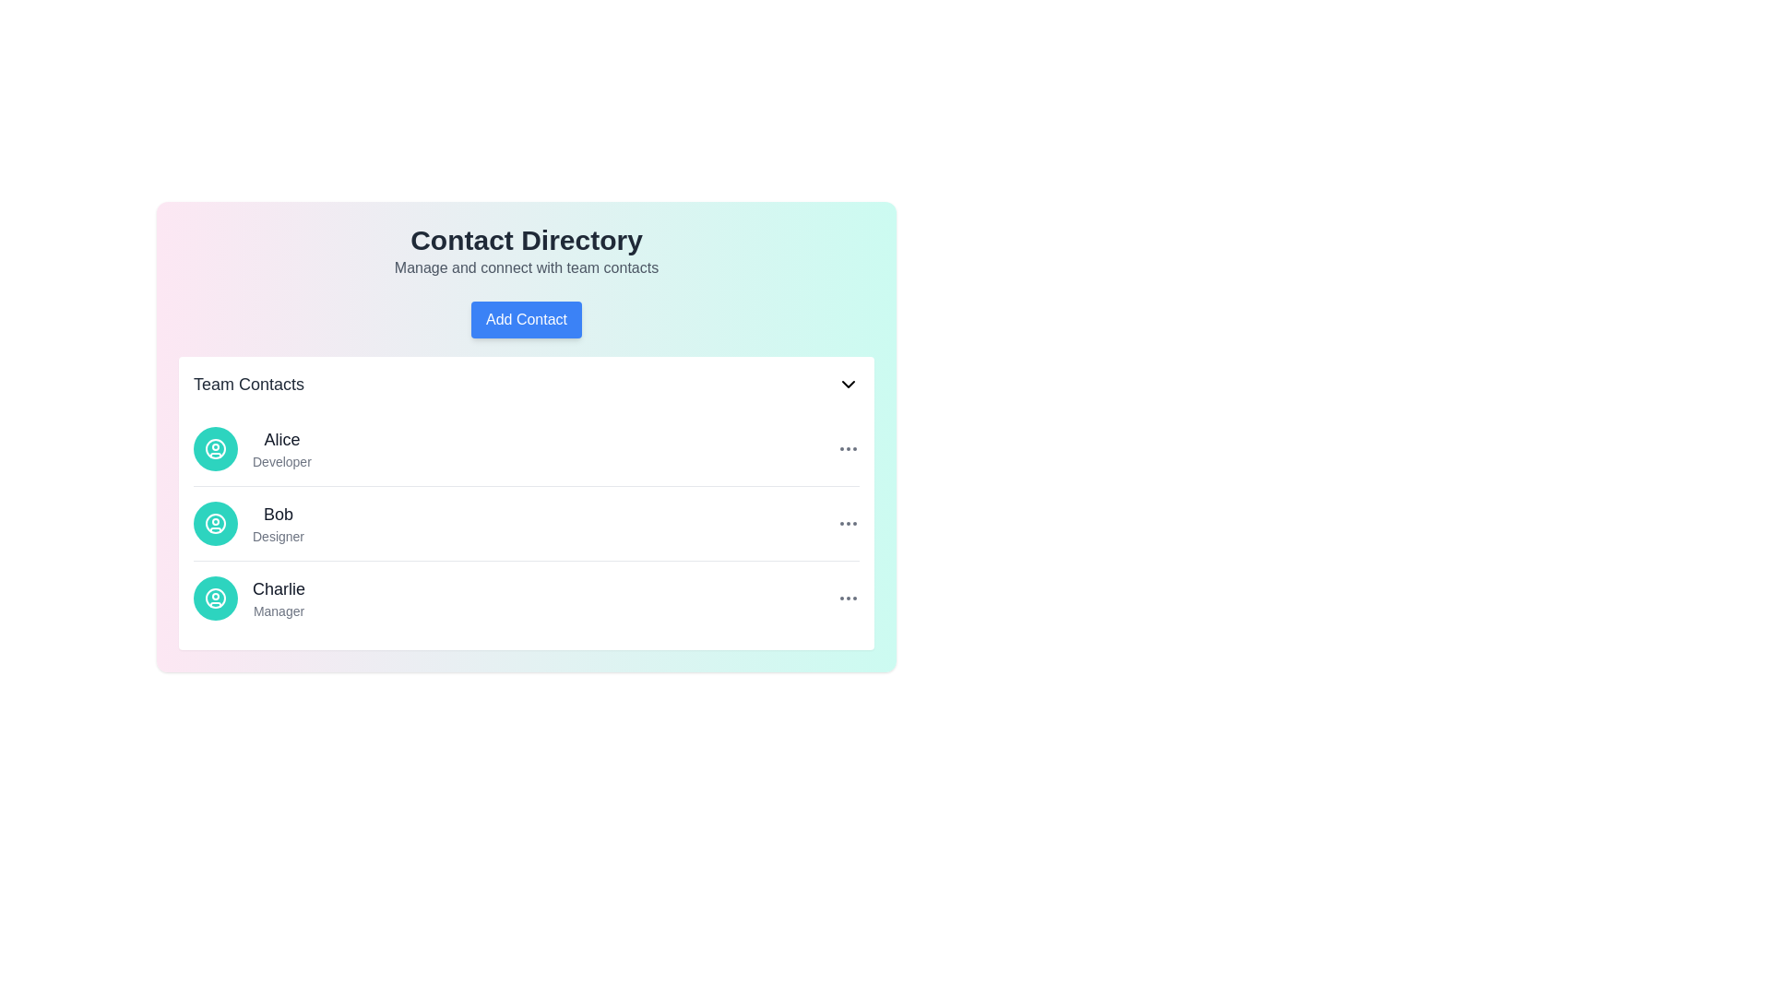 This screenshot has height=996, width=1771. What do you see at coordinates (216, 523) in the screenshot?
I see `the user profile icon for 'Bob' located in the 'Team Contacts' section, which is the second icon in the list` at bounding box center [216, 523].